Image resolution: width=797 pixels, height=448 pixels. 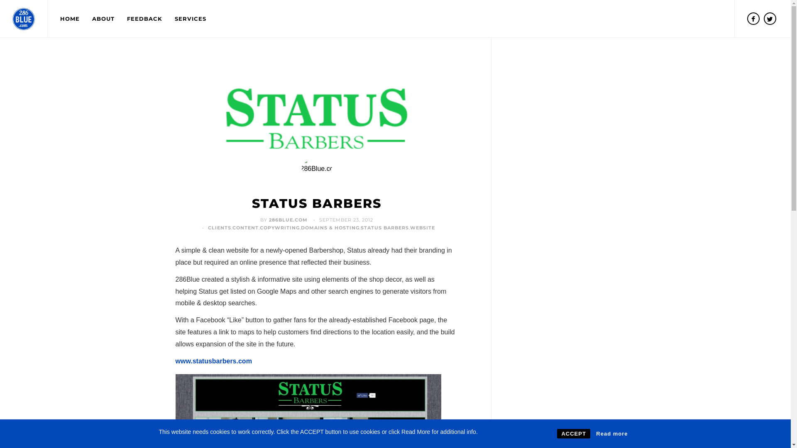 I want to click on 'Read more', so click(x=611, y=433).